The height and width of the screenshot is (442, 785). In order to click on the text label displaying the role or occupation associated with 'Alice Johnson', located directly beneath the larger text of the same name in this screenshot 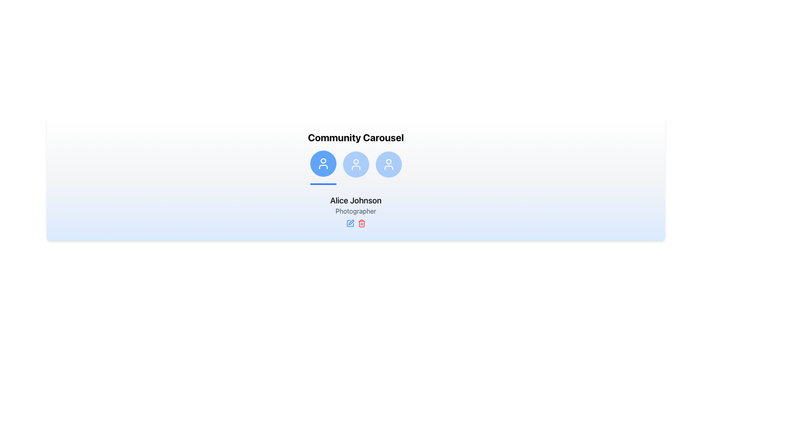, I will do `click(356, 211)`.